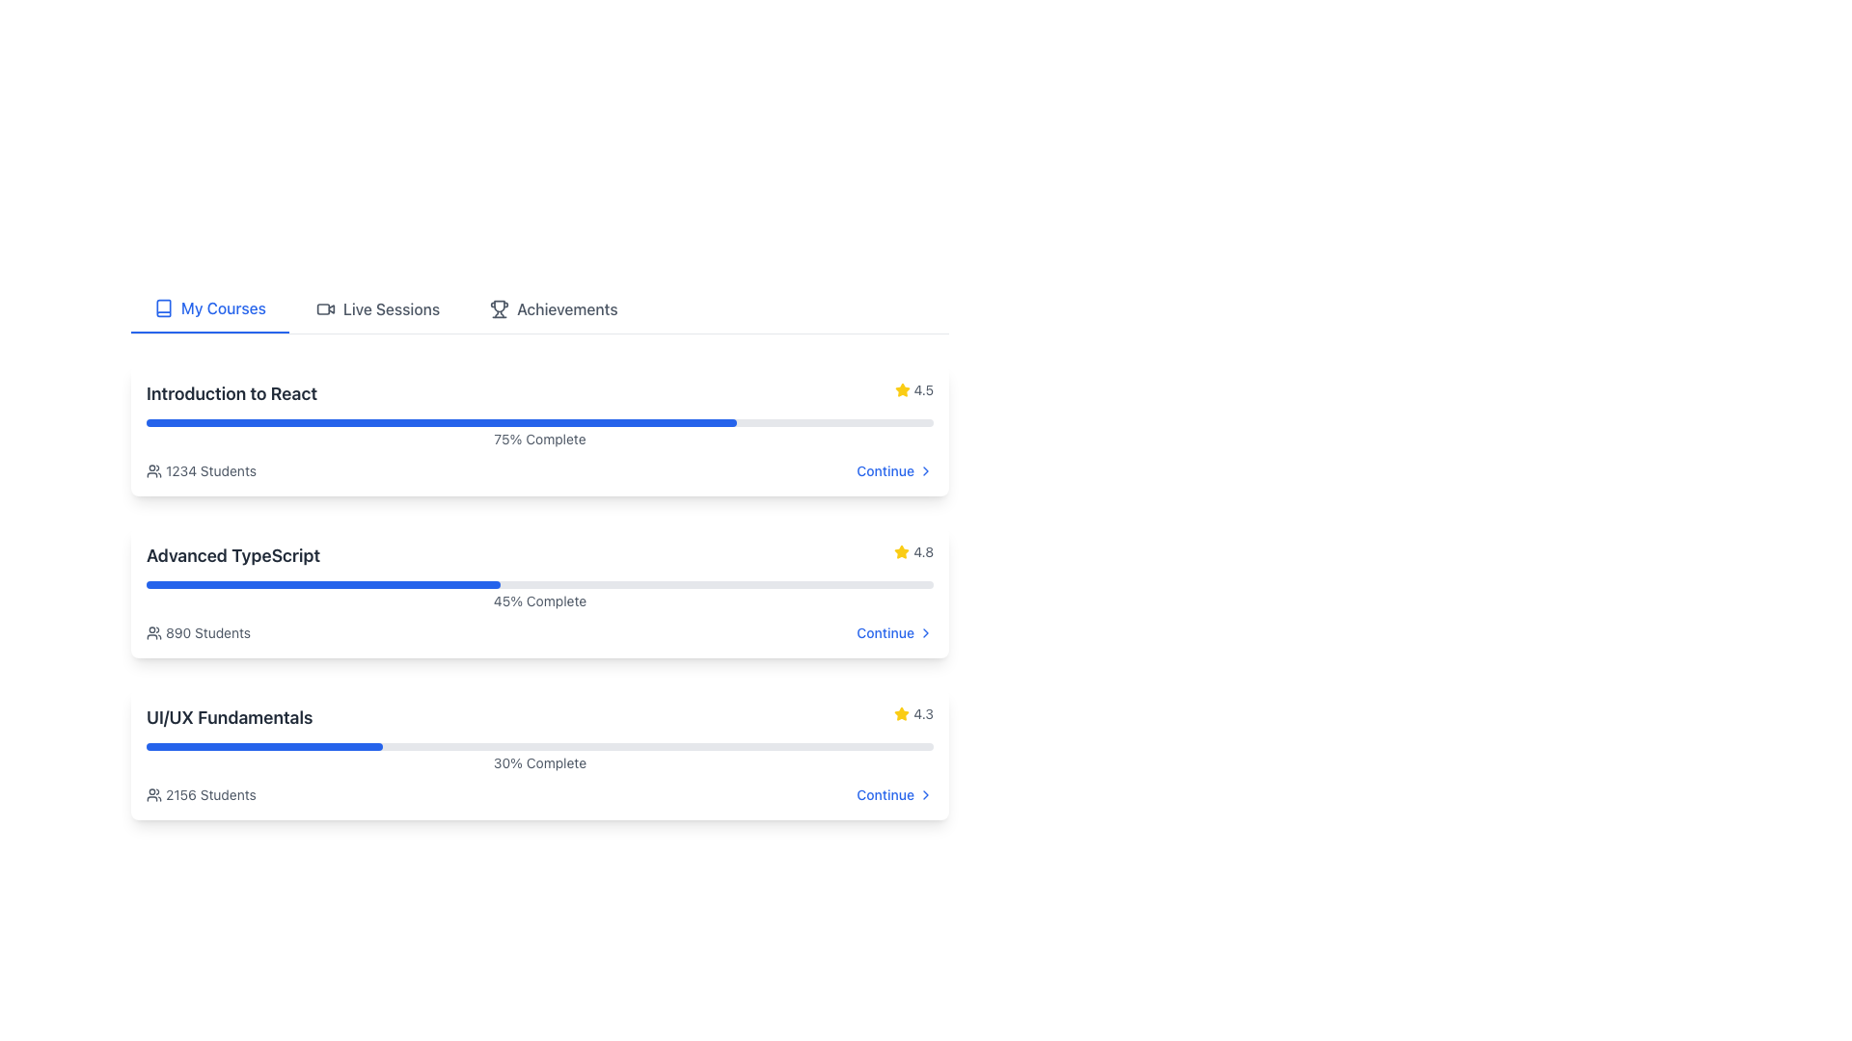 The height and width of the screenshot is (1041, 1852). Describe the element at coordinates (926, 471) in the screenshot. I see `the button-like SVG icon that is positioned to the right of the 'Continue' text in the 'Introduction to React' section for accessibility purposes` at that location.